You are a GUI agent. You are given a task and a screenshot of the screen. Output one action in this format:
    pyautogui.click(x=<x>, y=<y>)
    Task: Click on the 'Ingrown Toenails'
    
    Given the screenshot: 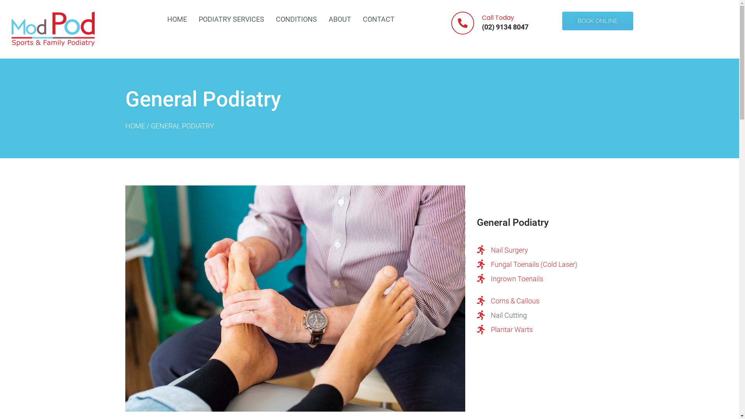 What is the action you would take?
    pyautogui.click(x=543, y=278)
    